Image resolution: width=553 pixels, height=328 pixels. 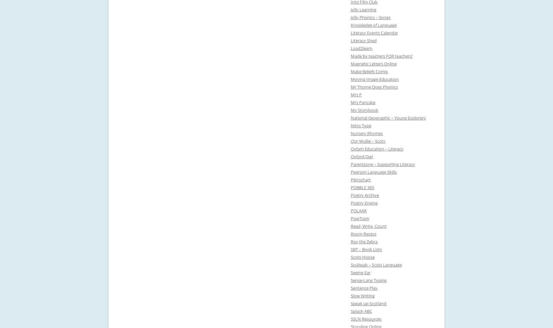 What do you see at coordinates (364, 203) in the screenshot?
I see `'Poetry Engine'` at bounding box center [364, 203].